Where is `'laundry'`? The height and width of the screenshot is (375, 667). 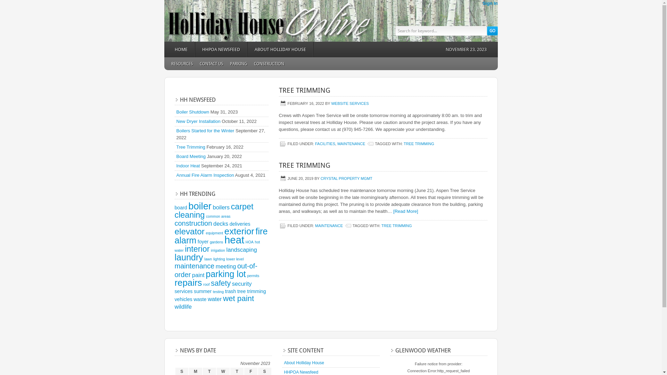 'laundry' is located at coordinates (188, 257).